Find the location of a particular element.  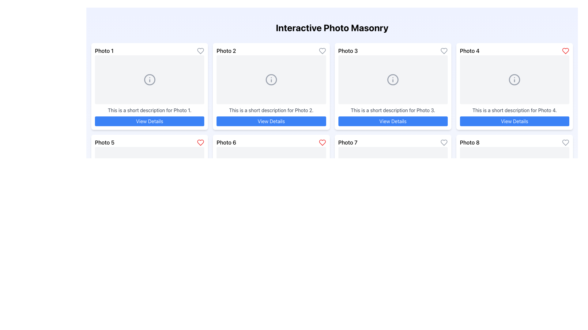

the heart-shaped icon in the top-right corner of the 'Photo 1' card is located at coordinates (201, 50).